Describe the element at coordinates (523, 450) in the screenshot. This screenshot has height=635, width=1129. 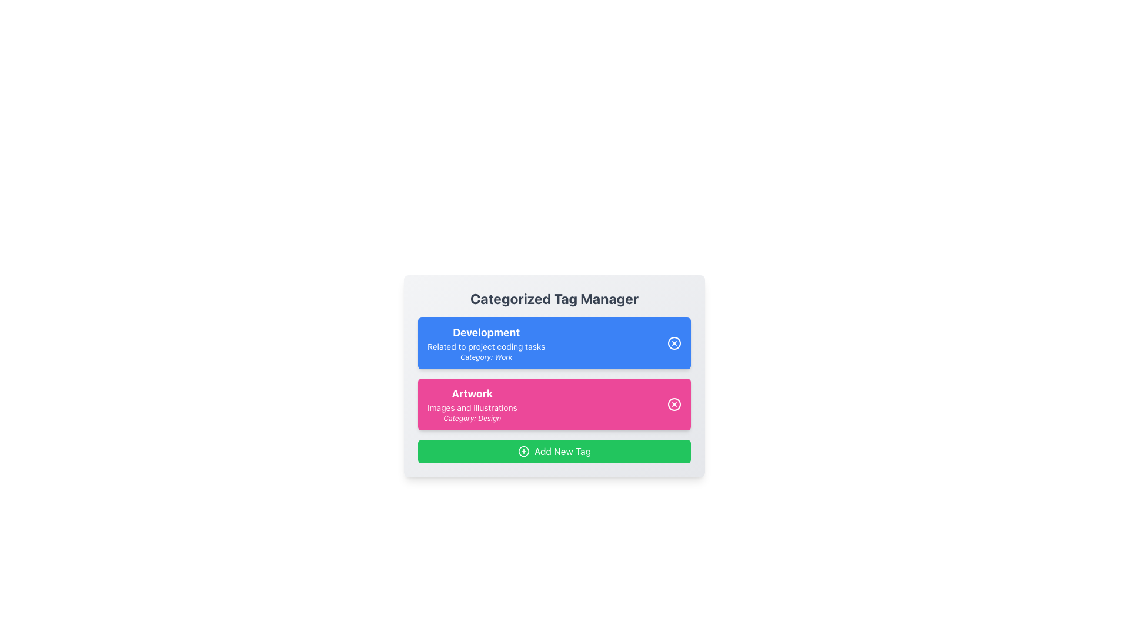
I see `the circular icon with a plus sign inside, located to the left of the 'Add New Tag' text within the green button area` at that location.